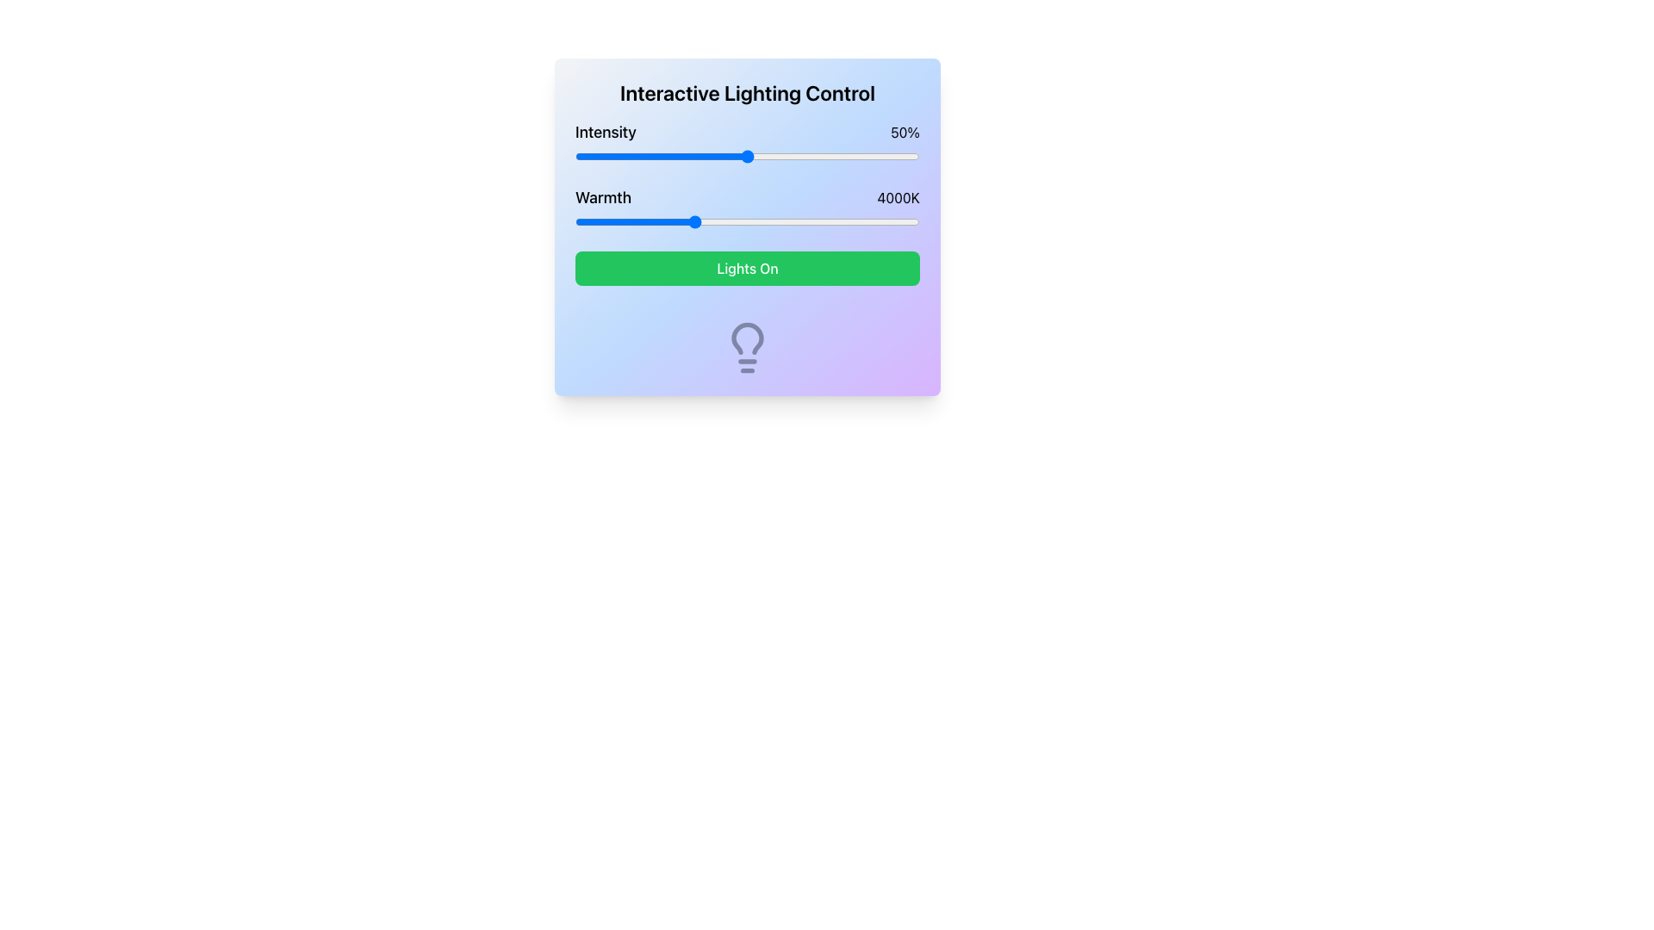 The width and height of the screenshot is (1654, 930). I want to click on warmth, so click(682, 221).